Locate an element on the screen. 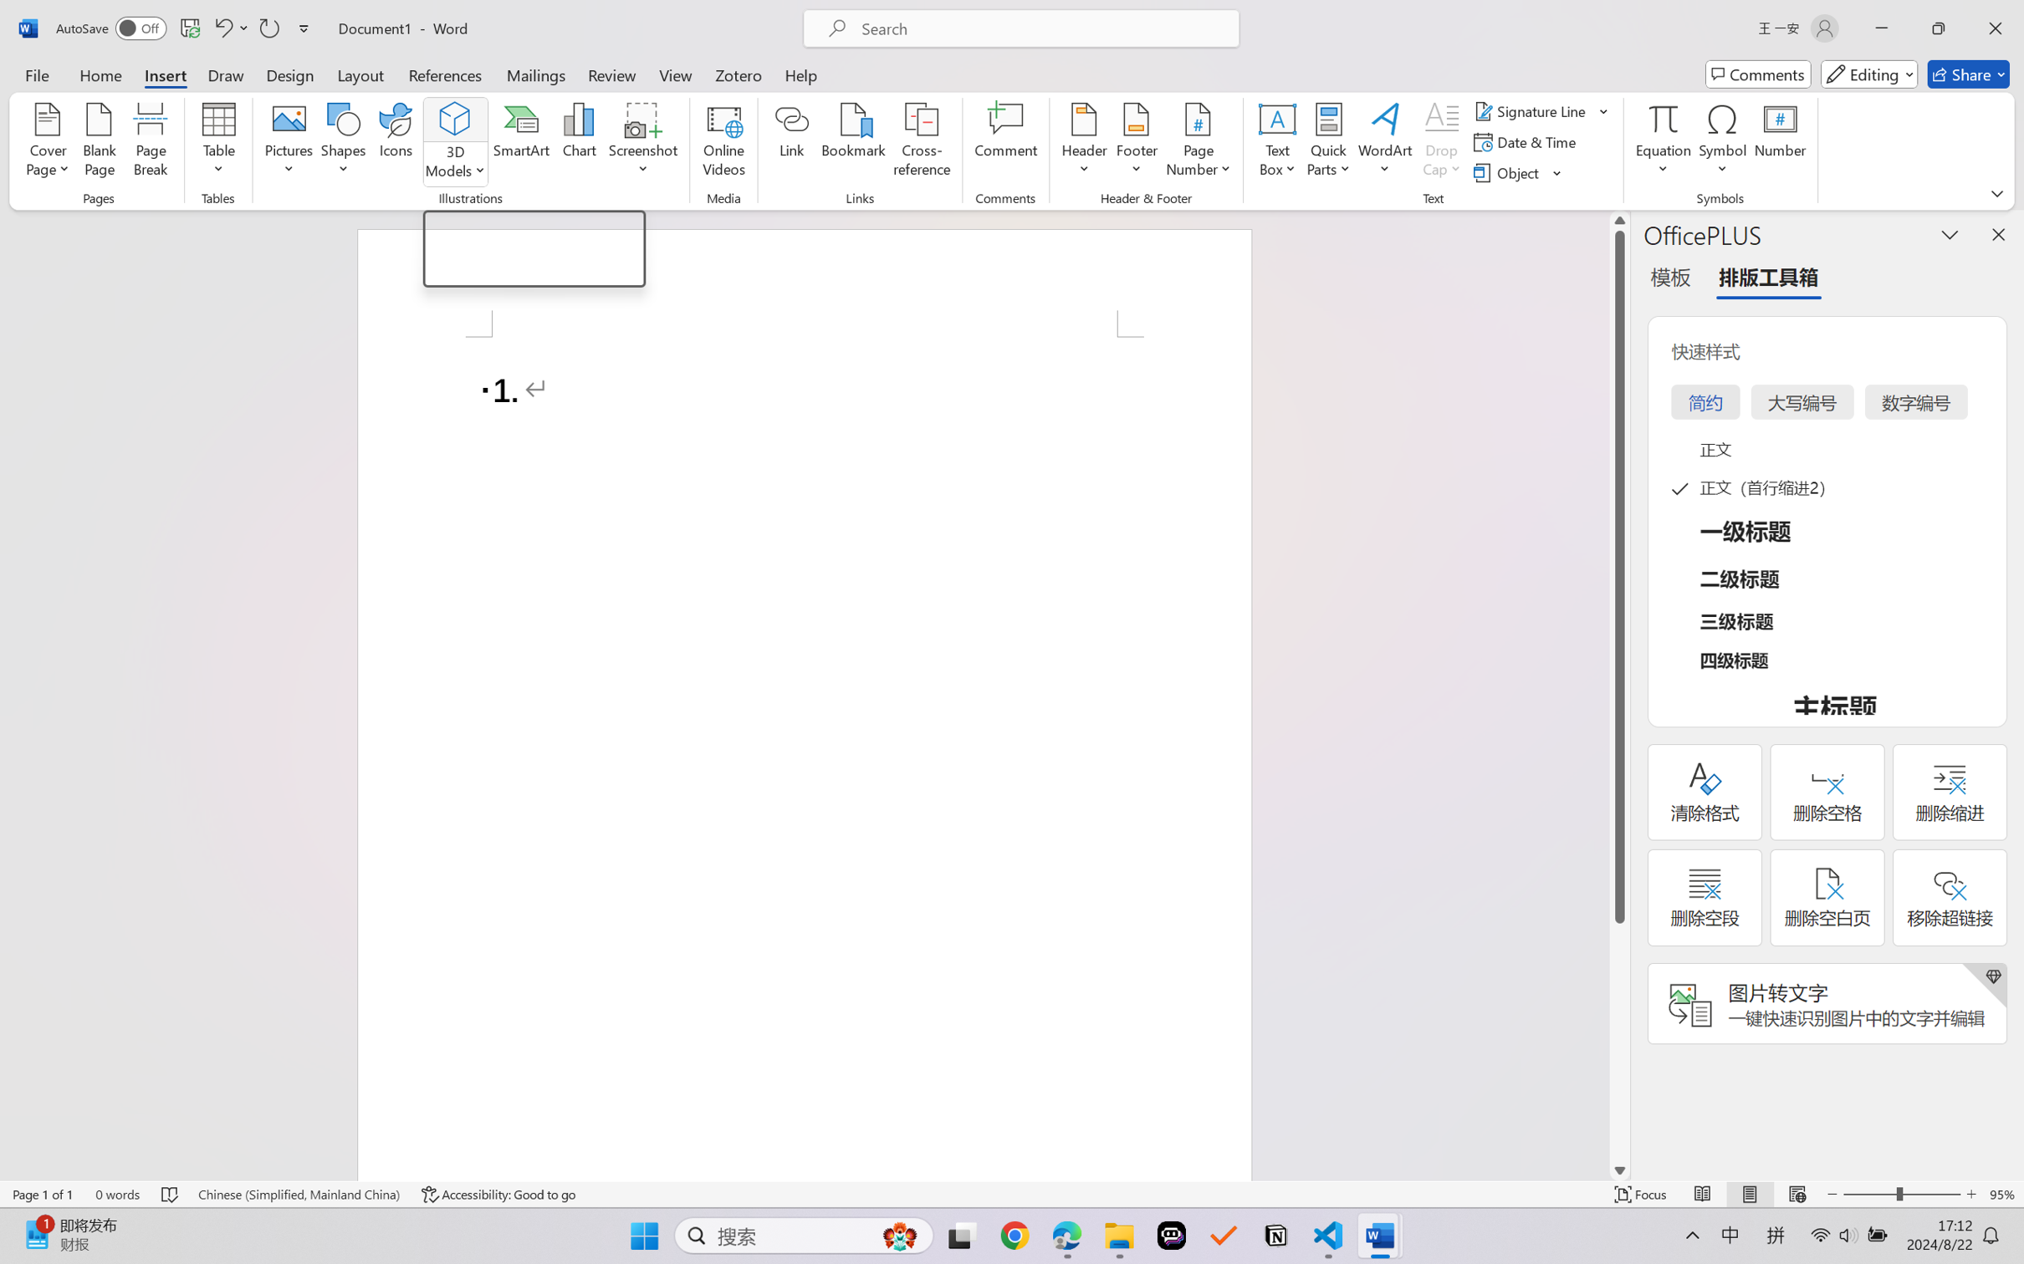 The height and width of the screenshot is (1264, 2024). 'Bookmark...' is located at coordinates (853, 142).